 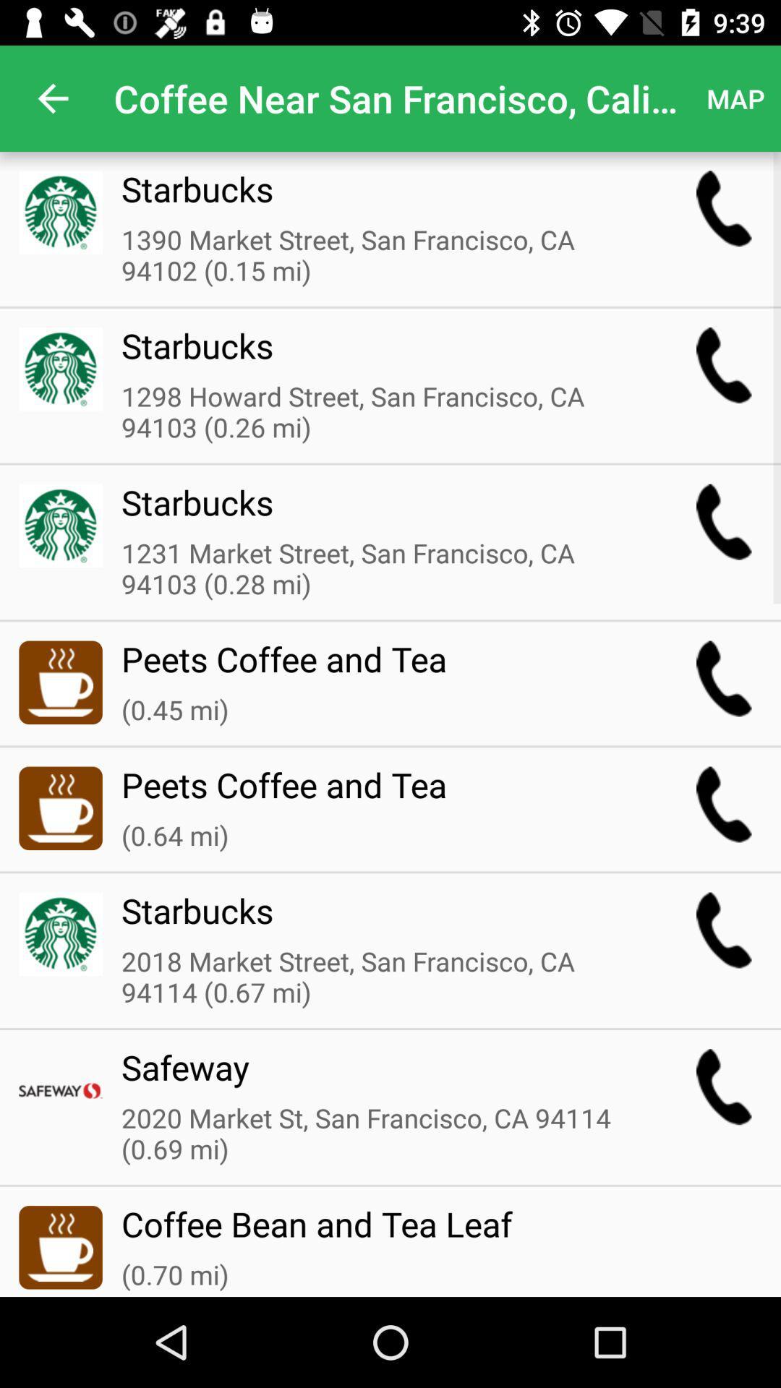 I want to click on the item below the 2018 market street icon, so click(x=379, y=1076).